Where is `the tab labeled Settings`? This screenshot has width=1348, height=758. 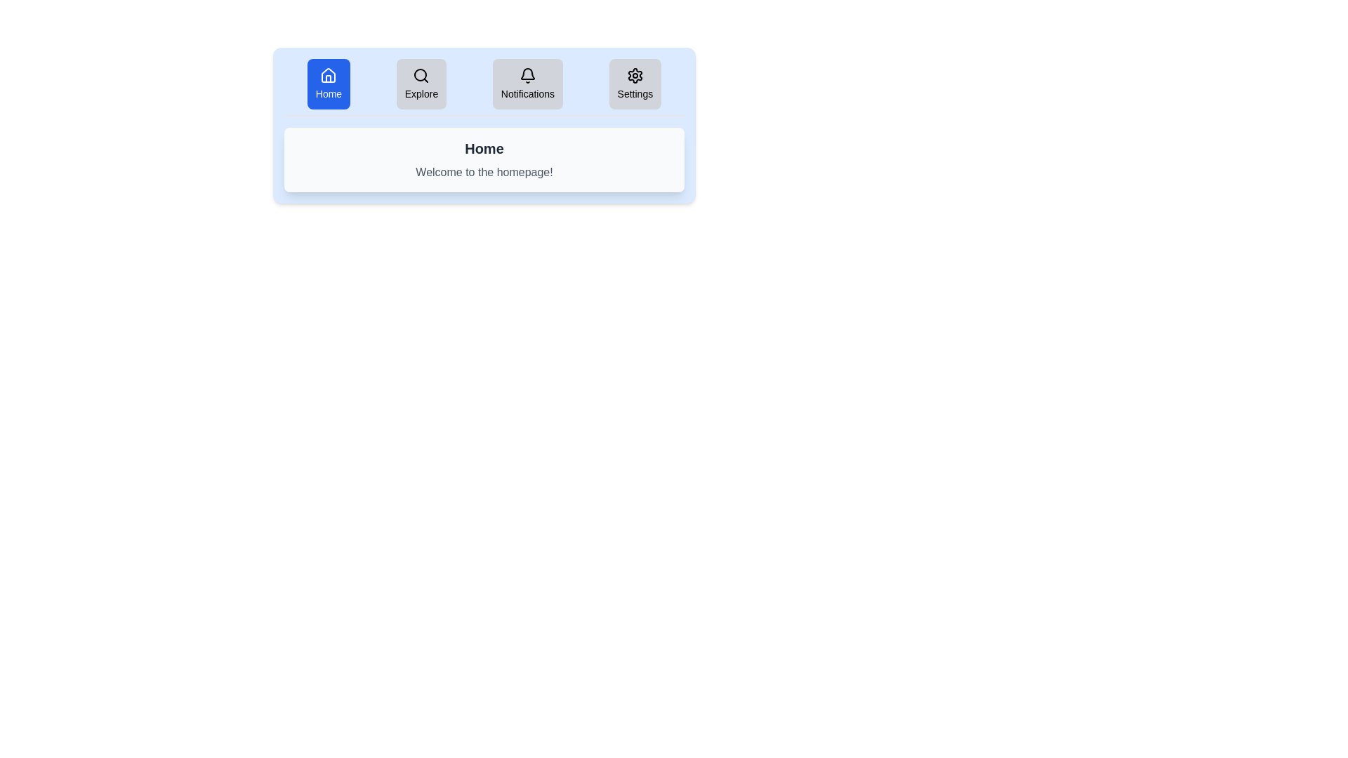
the tab labeled Settings is located at coordinates (634, 84).